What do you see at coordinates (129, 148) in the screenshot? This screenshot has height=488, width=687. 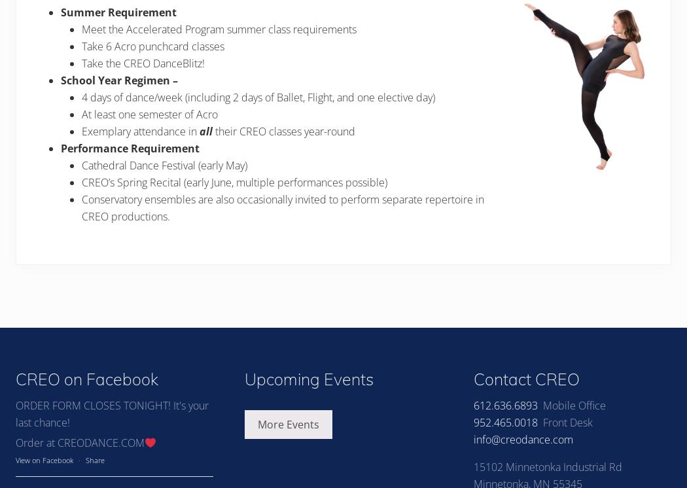 I see `'Performance Requirement'` at bounding box center [129, 148].